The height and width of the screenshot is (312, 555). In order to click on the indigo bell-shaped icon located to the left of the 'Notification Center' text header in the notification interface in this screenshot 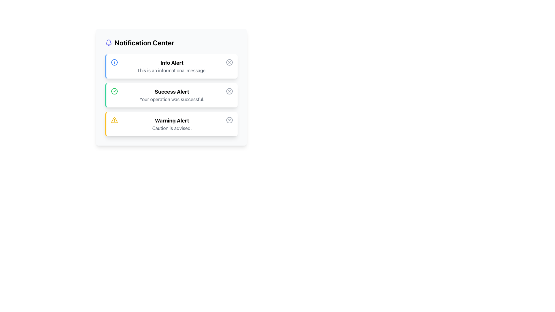, I will do `click(108, 42)`.